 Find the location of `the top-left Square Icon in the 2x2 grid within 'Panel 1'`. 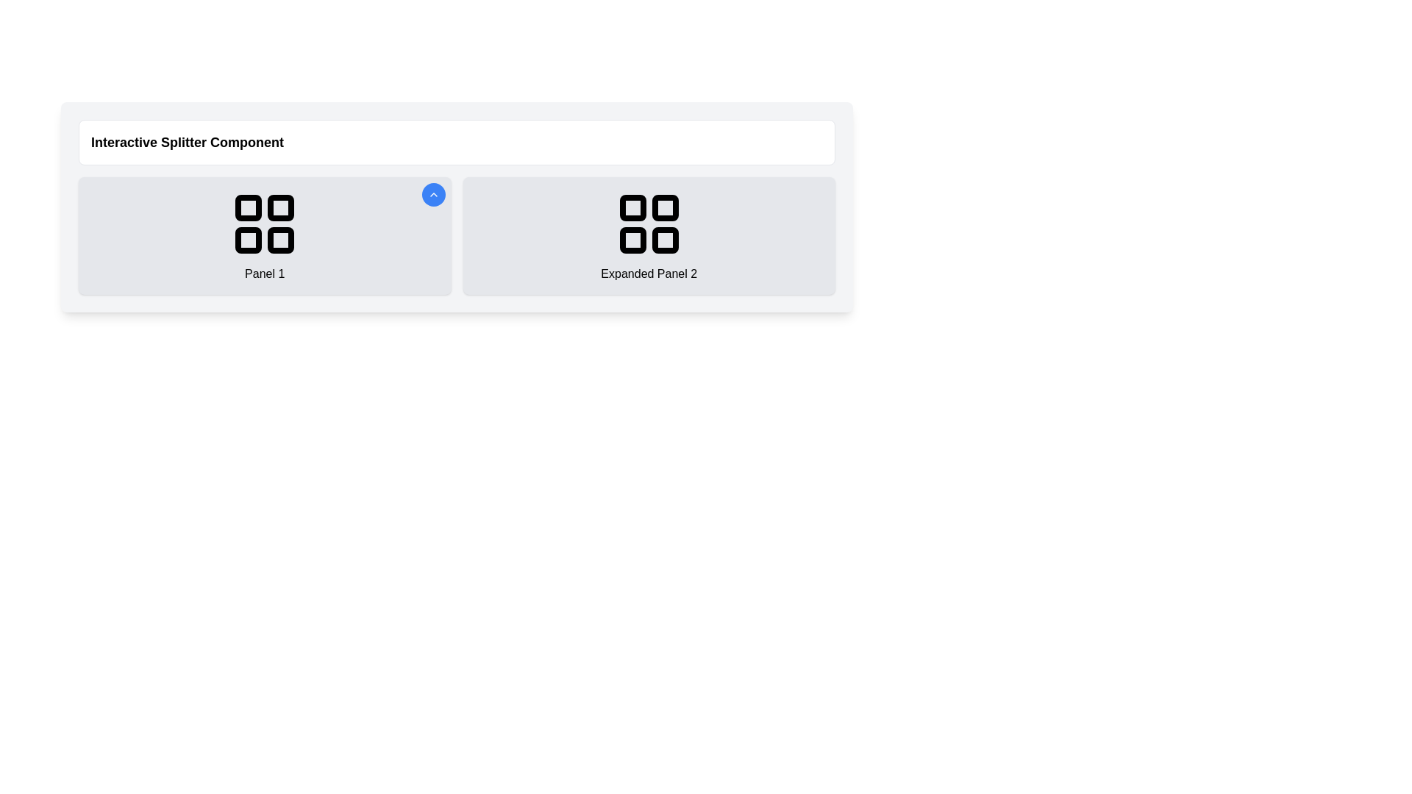

the top-left Square Icon in the 2x2 grid within 'Panel 1' is located at coordinates (249, 207).